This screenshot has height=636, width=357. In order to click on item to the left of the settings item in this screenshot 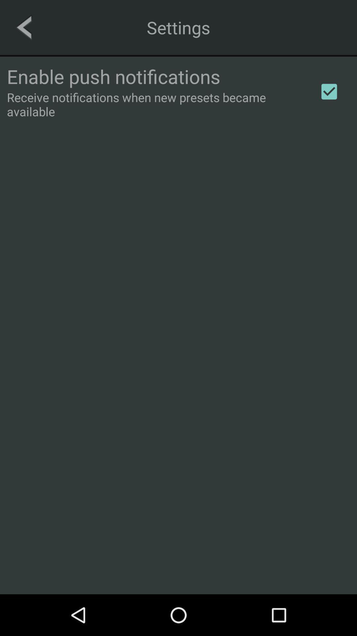, I will do `click(23, 27)`.